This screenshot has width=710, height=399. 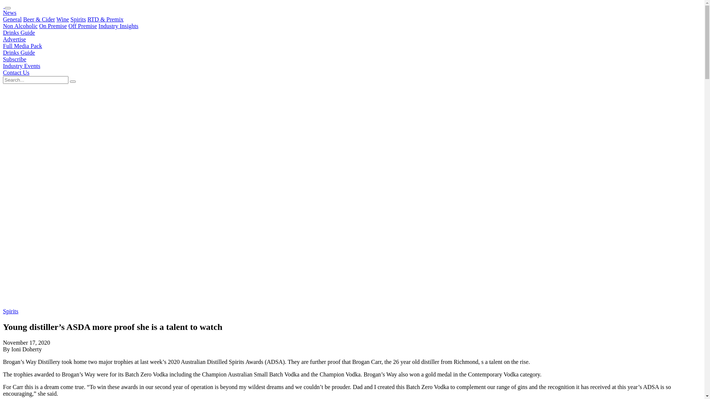 I want to click on 'On Premise', so click(x=53, y=25).